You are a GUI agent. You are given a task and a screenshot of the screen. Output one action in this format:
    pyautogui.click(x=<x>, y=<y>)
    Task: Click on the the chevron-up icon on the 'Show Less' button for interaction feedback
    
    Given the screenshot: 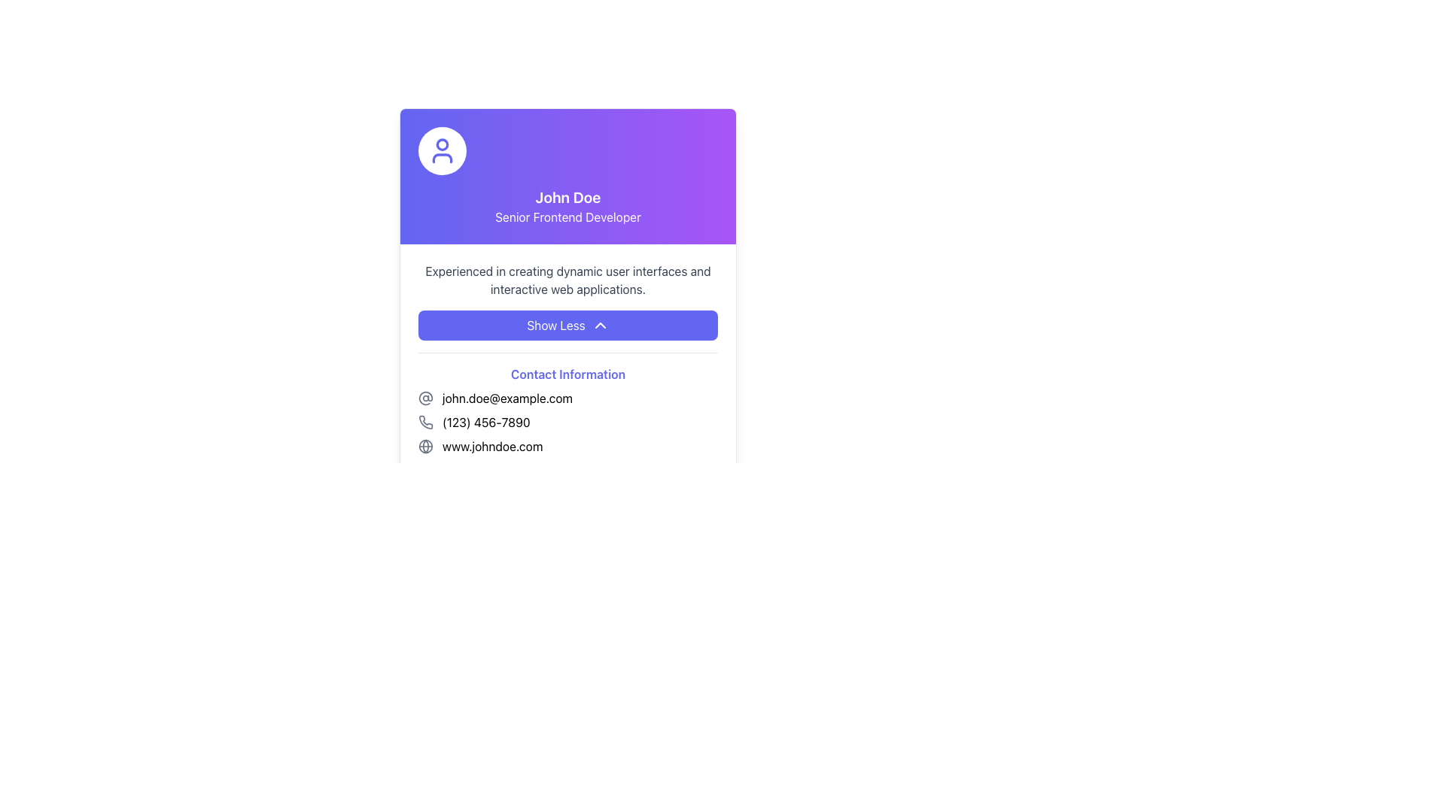 What is the action you would take?
    pyautogui.click(x=599, y=324)
    